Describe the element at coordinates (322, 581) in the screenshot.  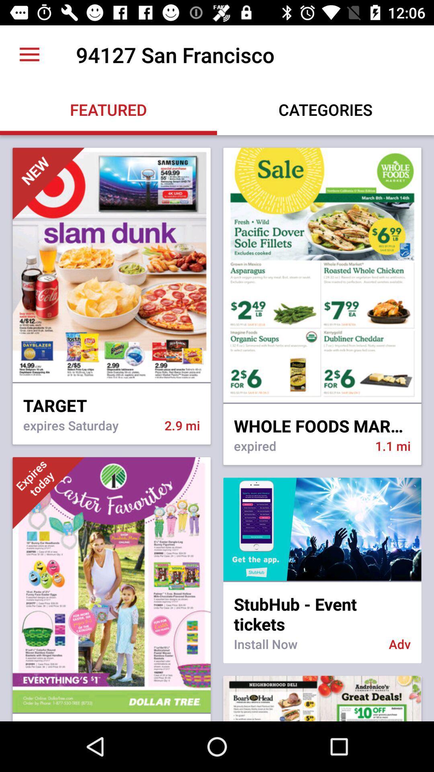
I see `item above the stubhub - event tickets icon` at that location.